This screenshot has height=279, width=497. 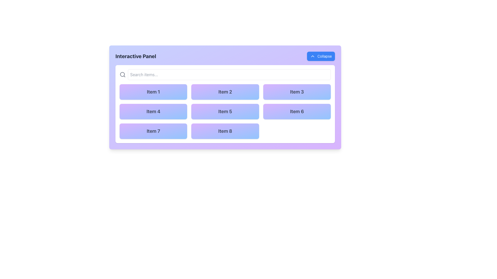 What do you see at coordinates (153, 91) in the screenshot?
I see `text element displaying 'Item 1' in bold gray font located in the top-left corner of the grid of rectangular items` at bounding box center [153, 91].